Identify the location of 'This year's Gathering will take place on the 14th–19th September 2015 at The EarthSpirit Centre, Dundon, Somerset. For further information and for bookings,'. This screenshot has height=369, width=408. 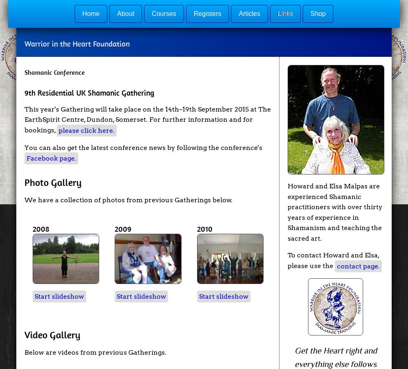
(147, 119).